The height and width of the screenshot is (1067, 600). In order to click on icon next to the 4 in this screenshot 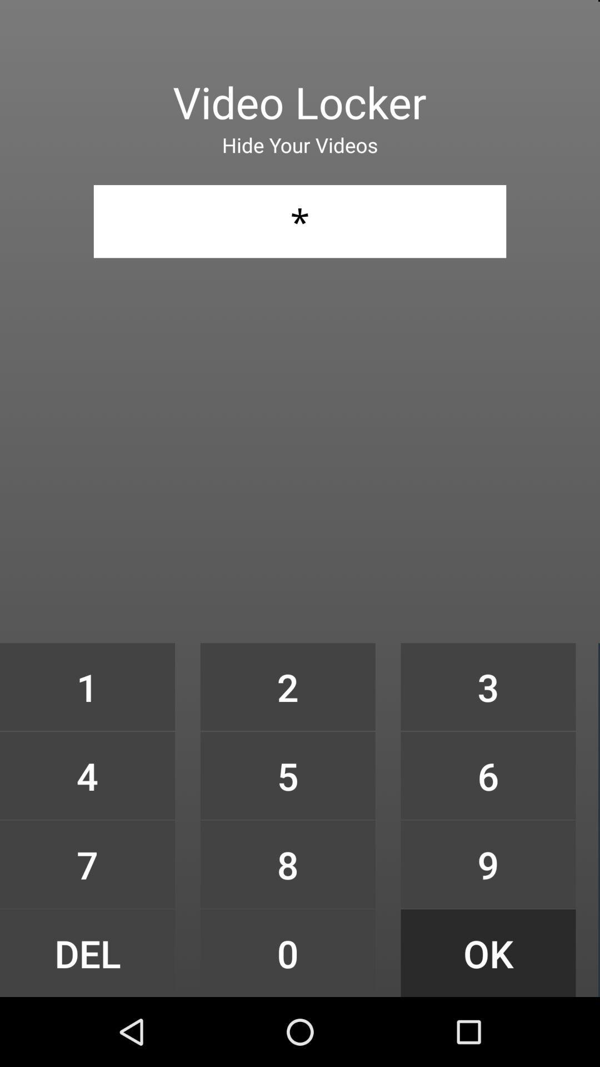, I will do `click(287, 864)`.